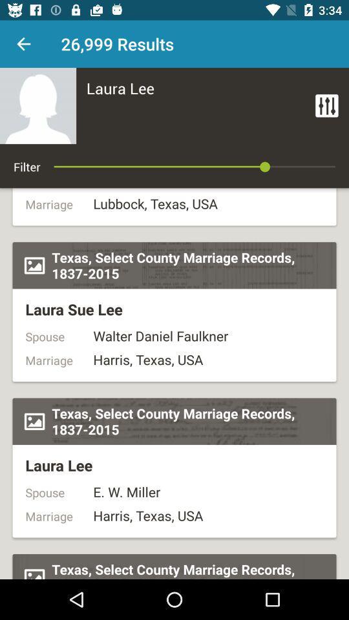 The height and width of the screenshot is (620, 349). Describe the element at coordinates (326, 105) in the screenshot. I see `item next to the laura lee icon` at that location.